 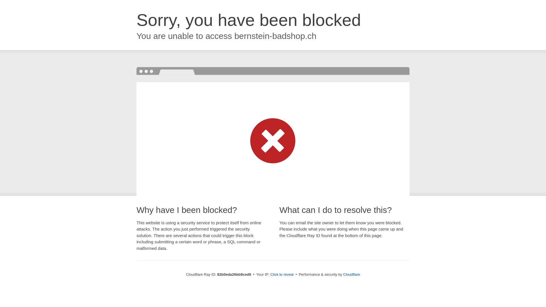 What do you see at coordinates (343, 274) in the screenshot?
I see `'Cloudflare'` at bounding box center [343, 274].